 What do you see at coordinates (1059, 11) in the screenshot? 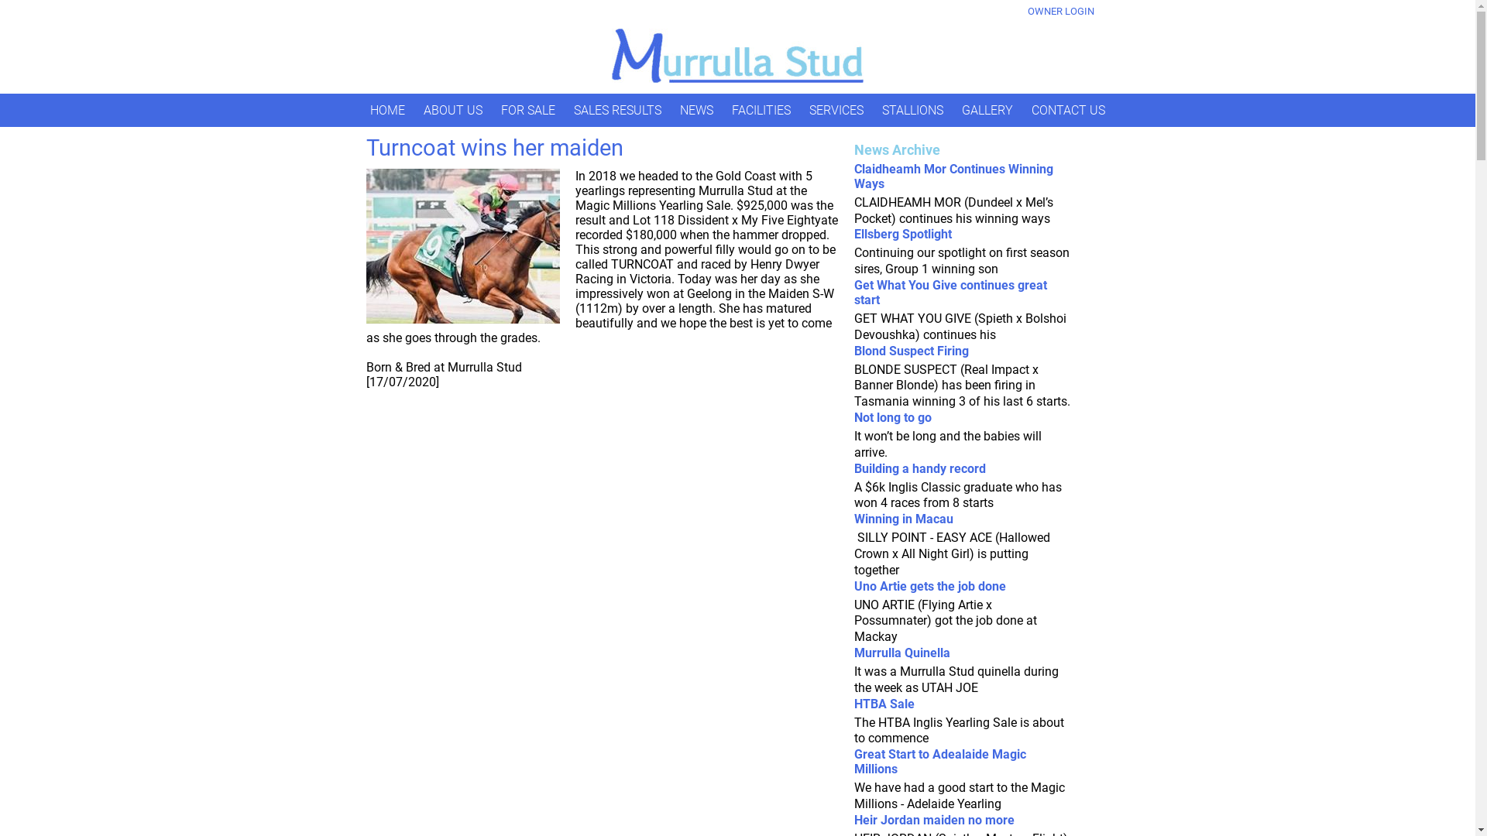
I see `'OWNER LOGIN'` at bounding box center [1059, 11].